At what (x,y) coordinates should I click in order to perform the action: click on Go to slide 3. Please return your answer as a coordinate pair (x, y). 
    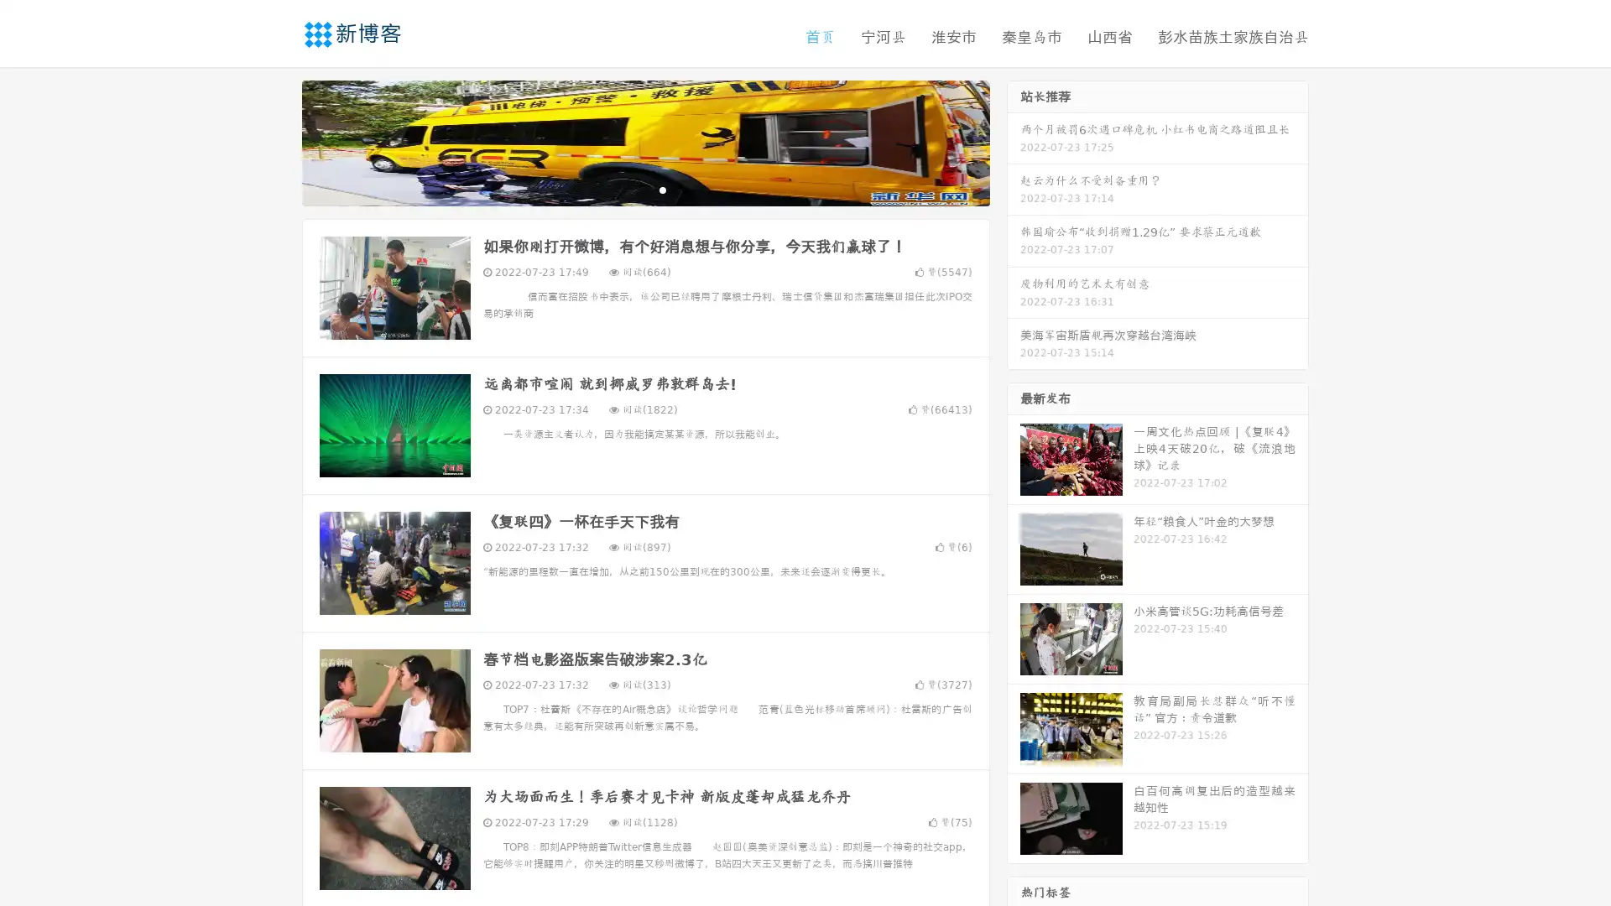
    Looking at the image, I should click on (662, 189).